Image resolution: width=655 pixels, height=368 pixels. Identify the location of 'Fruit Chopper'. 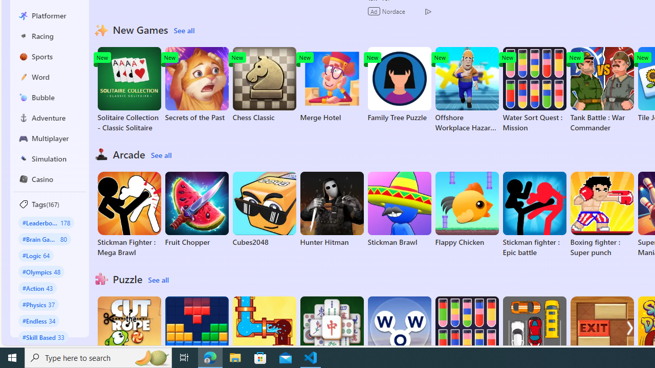
(196, 209).